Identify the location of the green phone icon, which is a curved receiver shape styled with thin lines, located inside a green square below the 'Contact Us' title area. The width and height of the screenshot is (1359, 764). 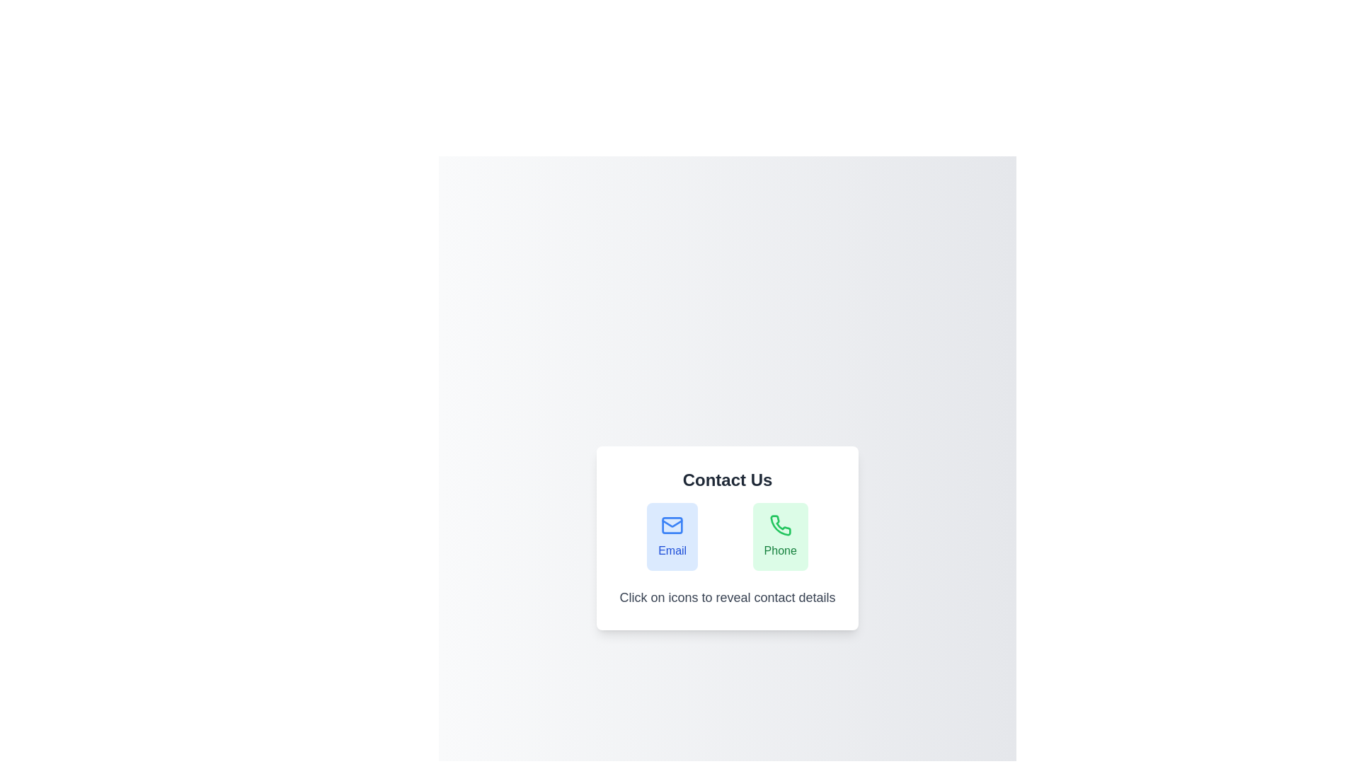
(779, 525).